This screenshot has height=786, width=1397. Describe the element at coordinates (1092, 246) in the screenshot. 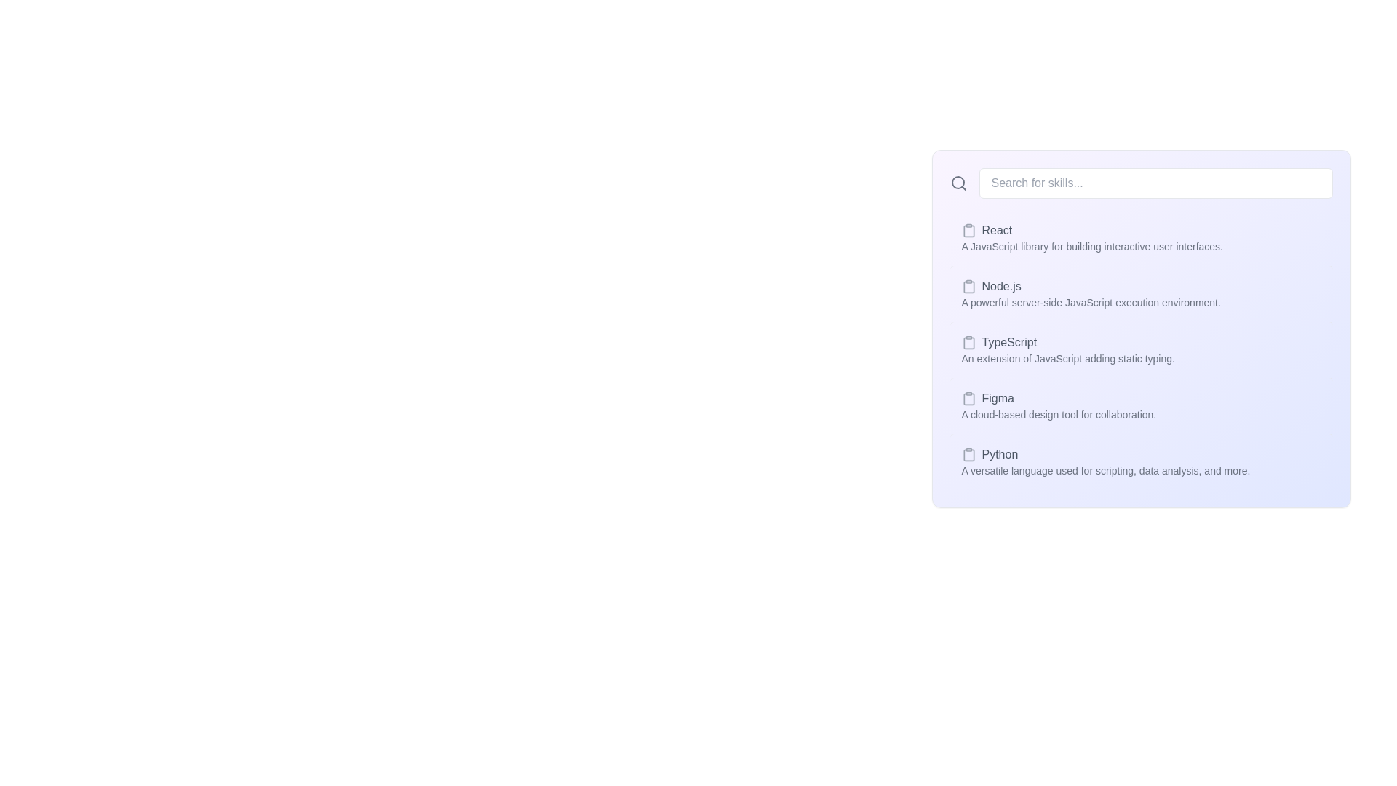

I see `the descriptive text reading 'A JavaScript library for building interactive user interfaces.' which is styled with a smaller text size and light gray color, located below the title 'React'` at that location.